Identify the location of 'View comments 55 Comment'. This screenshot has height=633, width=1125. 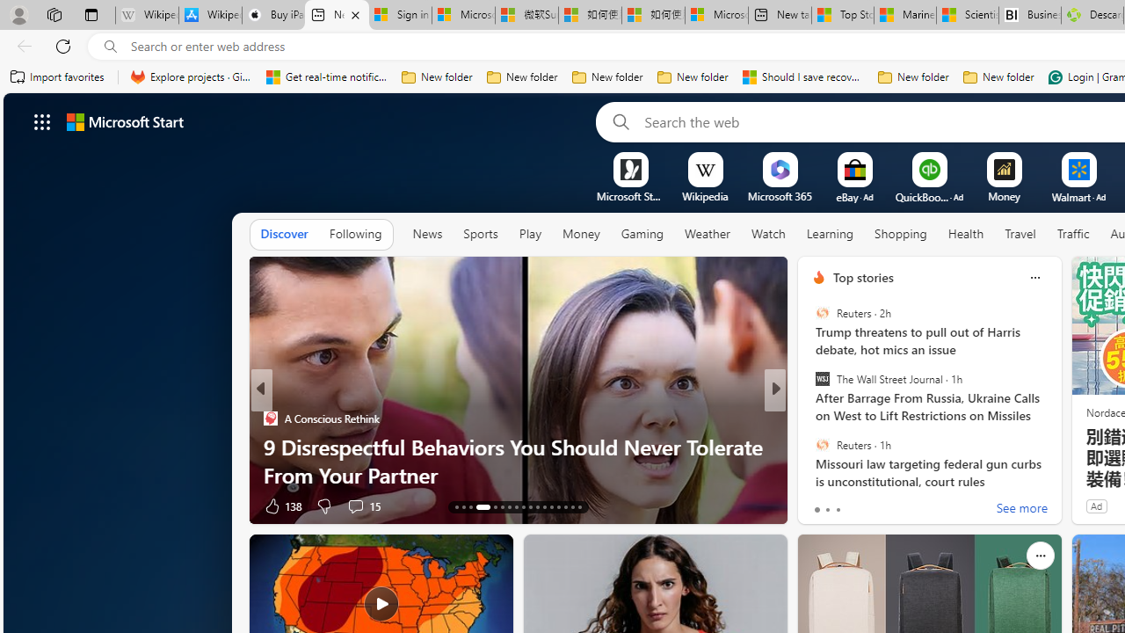
(896, 506).